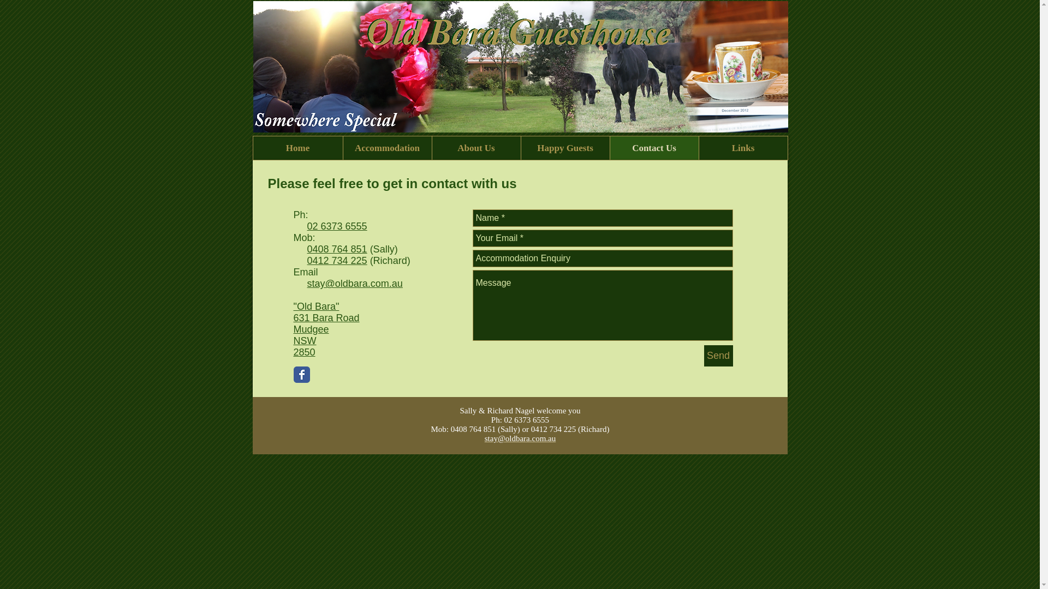 The width and height of the screenshot is (1048, 589). What do you see at coordinates (355, 283) in the screenshot?
I see `'stay@oldbara.com.au'` at bounding box center [355, 283].